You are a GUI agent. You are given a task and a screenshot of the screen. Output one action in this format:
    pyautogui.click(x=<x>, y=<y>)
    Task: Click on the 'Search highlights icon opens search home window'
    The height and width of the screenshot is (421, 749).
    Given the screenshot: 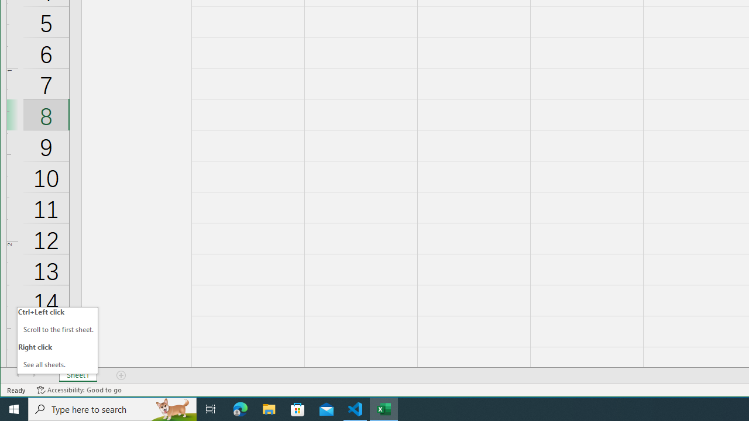 What is the action you would take?
    pyautogui.click(x=172, y=408)
    